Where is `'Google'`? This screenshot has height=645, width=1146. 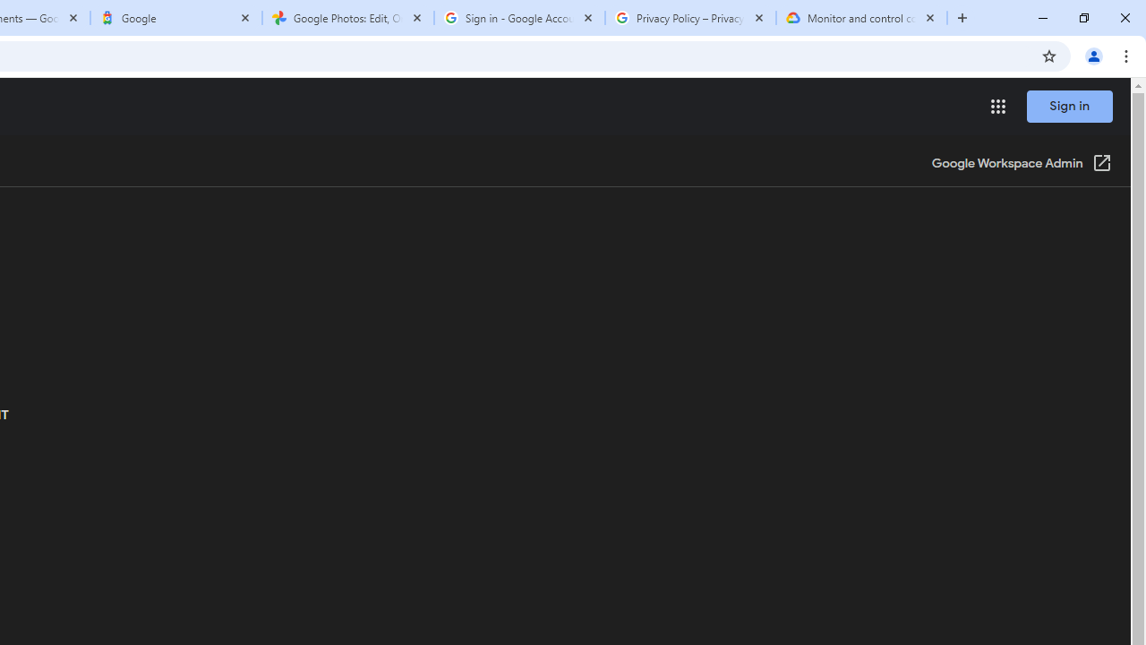 'Google' is located at coordinates (176, 18).